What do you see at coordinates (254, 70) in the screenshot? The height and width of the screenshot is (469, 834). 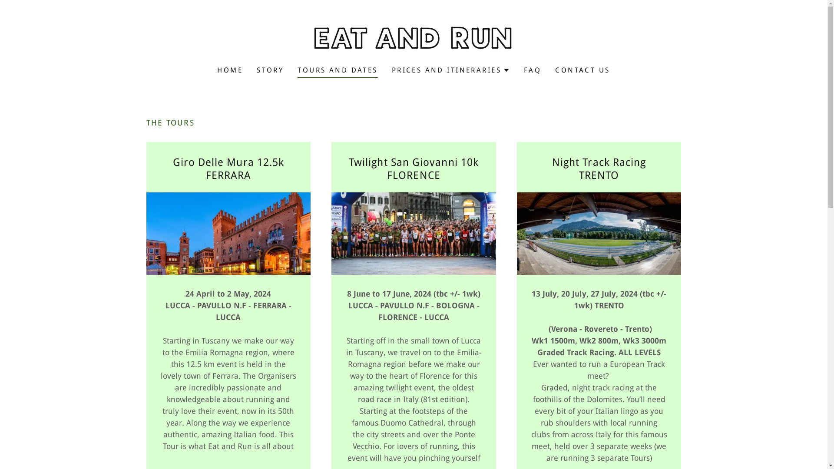 I see `'STORY'` at bounding box center [254, 70].